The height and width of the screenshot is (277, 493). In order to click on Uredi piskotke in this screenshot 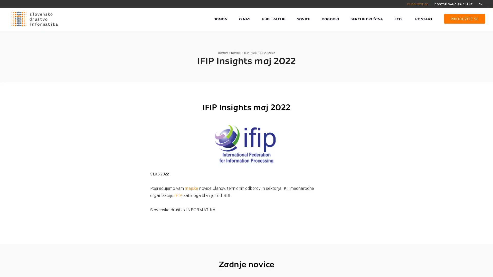, I will do `click(365, 270)`.